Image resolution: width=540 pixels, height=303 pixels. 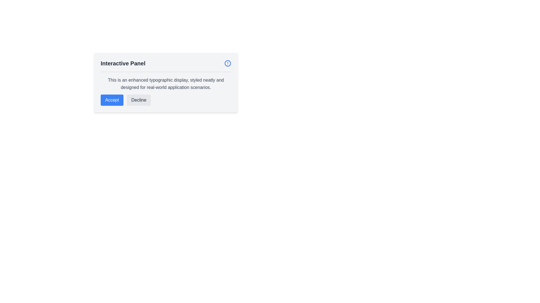 What do you see at coordinates (139, 100) in the screenshot?
I see `the 'Decline' button located in the 'Interactive Panel'` at bounding box center [139, 100].